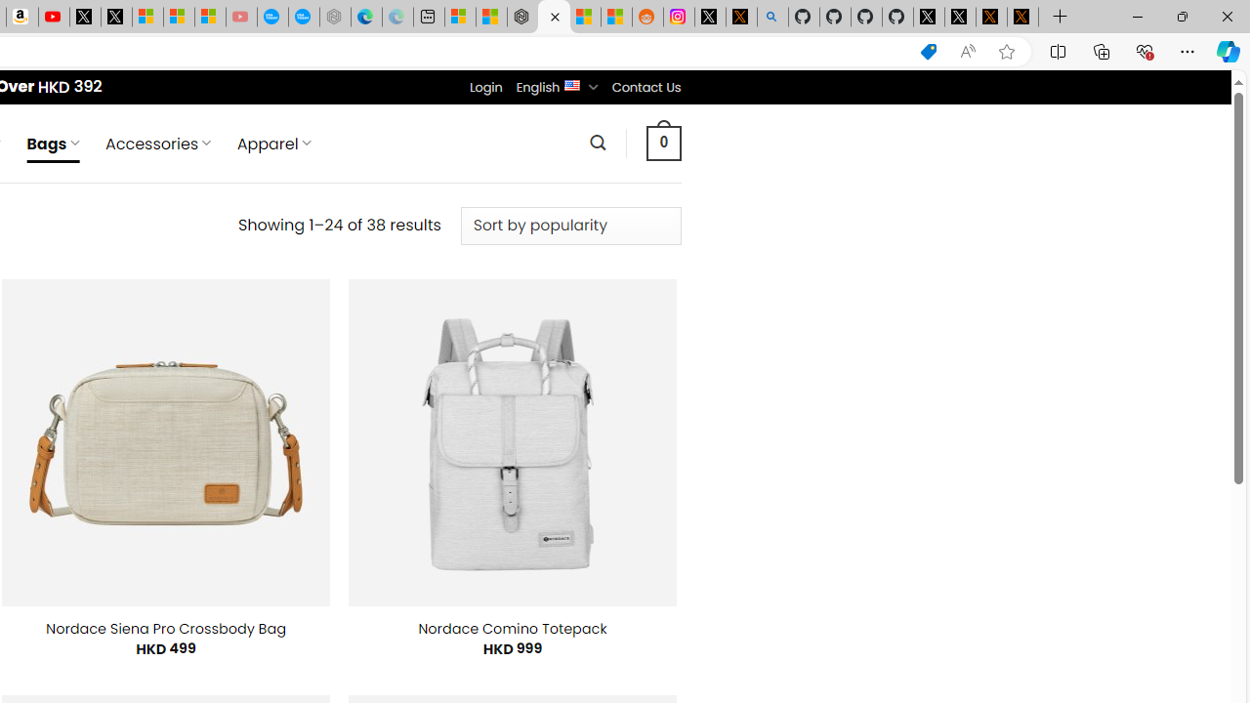  What do you see at coordinates (240, 17) in the screenshot?
I see `'Gloom - YouTube - Sleeping'` at bounding box center [240, 17].